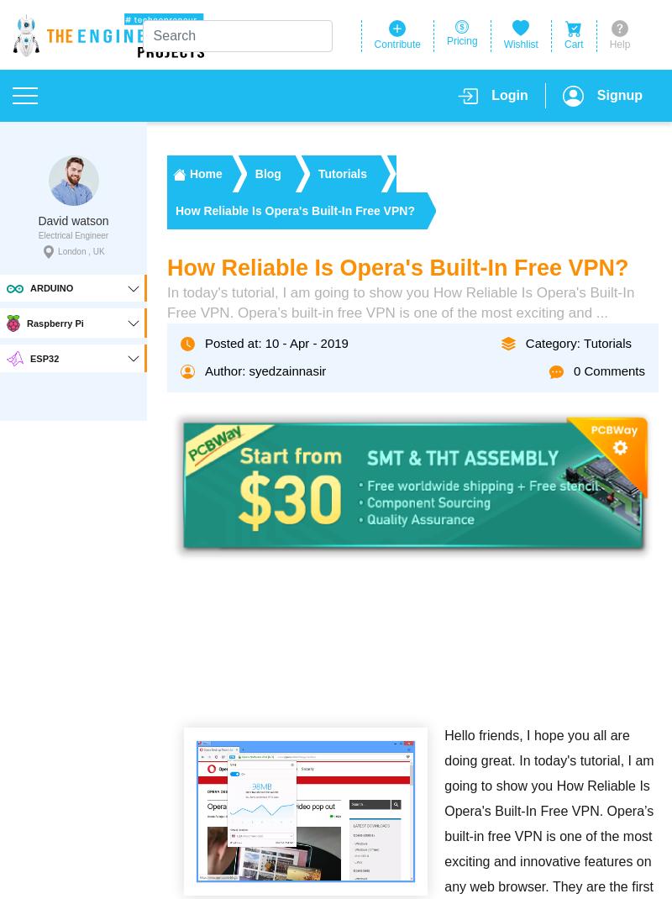 The height and width of the screenshot is (899, 672). Describe the element at coordinates (227, 370) in the screenshot. I see `'Author:'` at that location.